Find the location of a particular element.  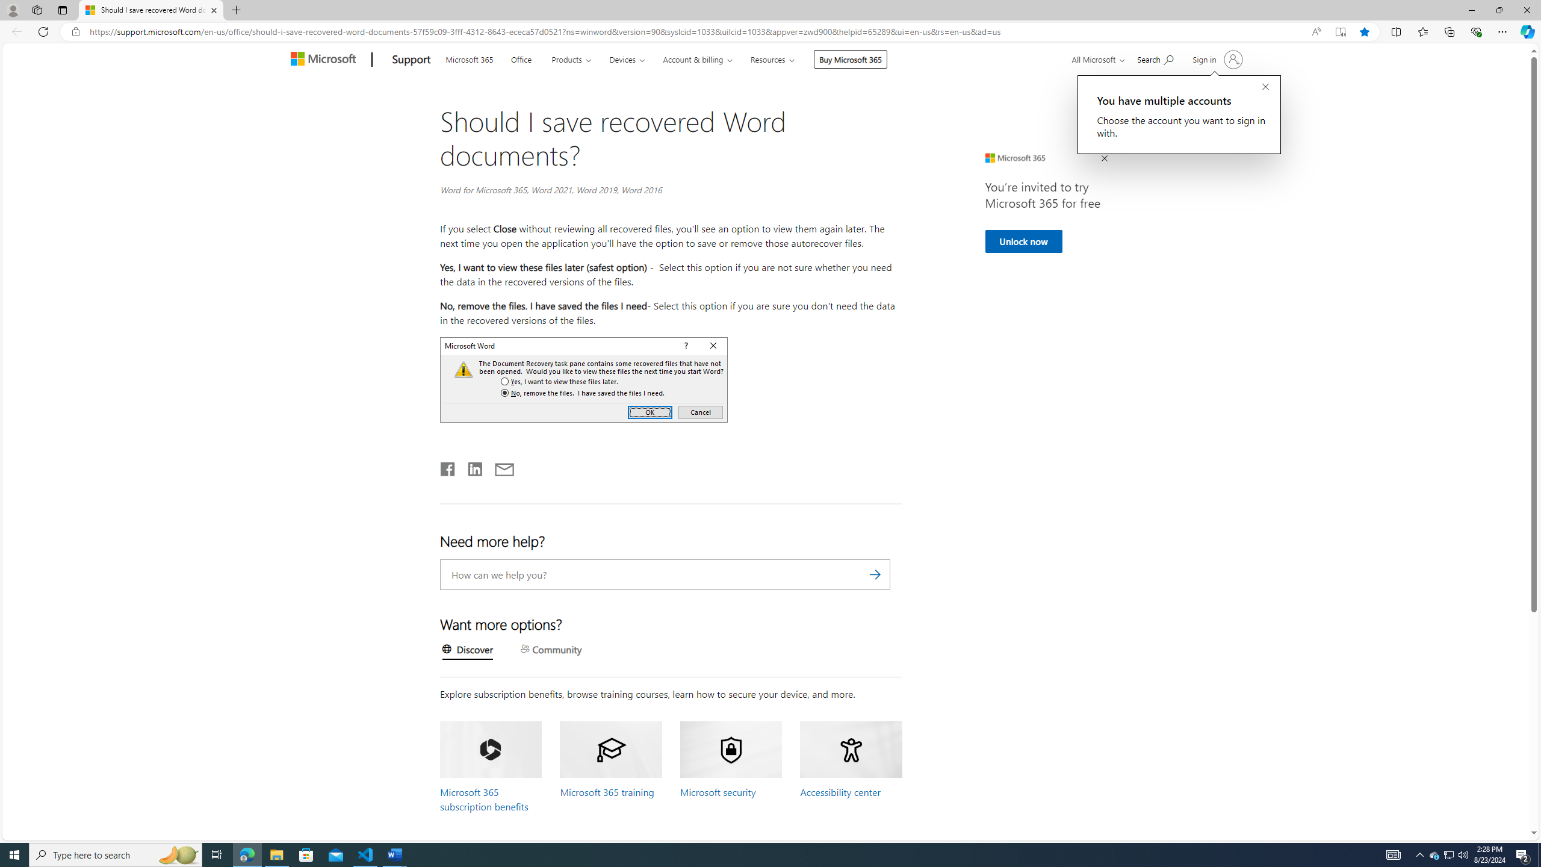

'Discover' is located at coordinates (467, 650).